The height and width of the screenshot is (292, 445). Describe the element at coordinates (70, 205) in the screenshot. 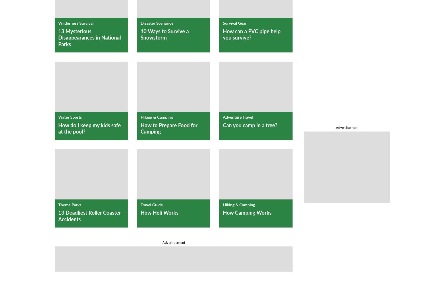

I see `'Theme Parks'` at that location.